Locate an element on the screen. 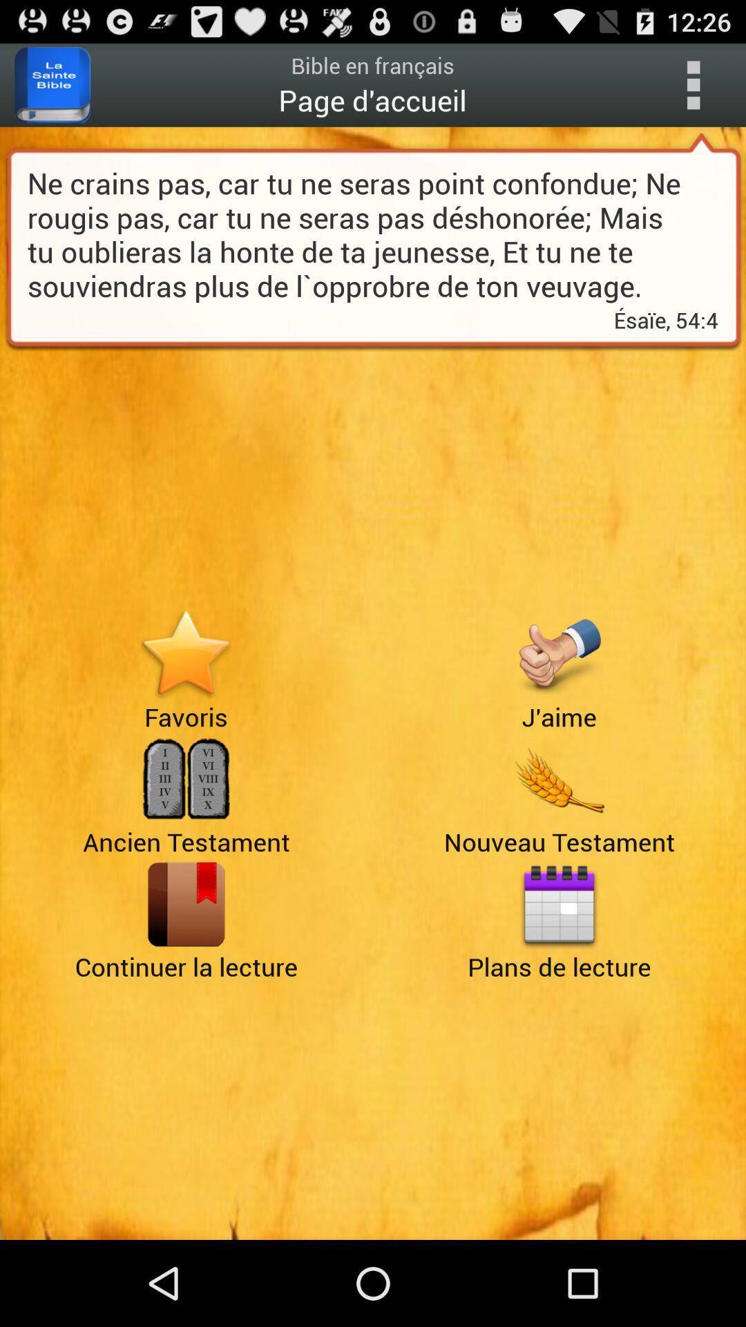 This screenshot has width=746, height=1327. menu option is located at coordinates (693, 84).